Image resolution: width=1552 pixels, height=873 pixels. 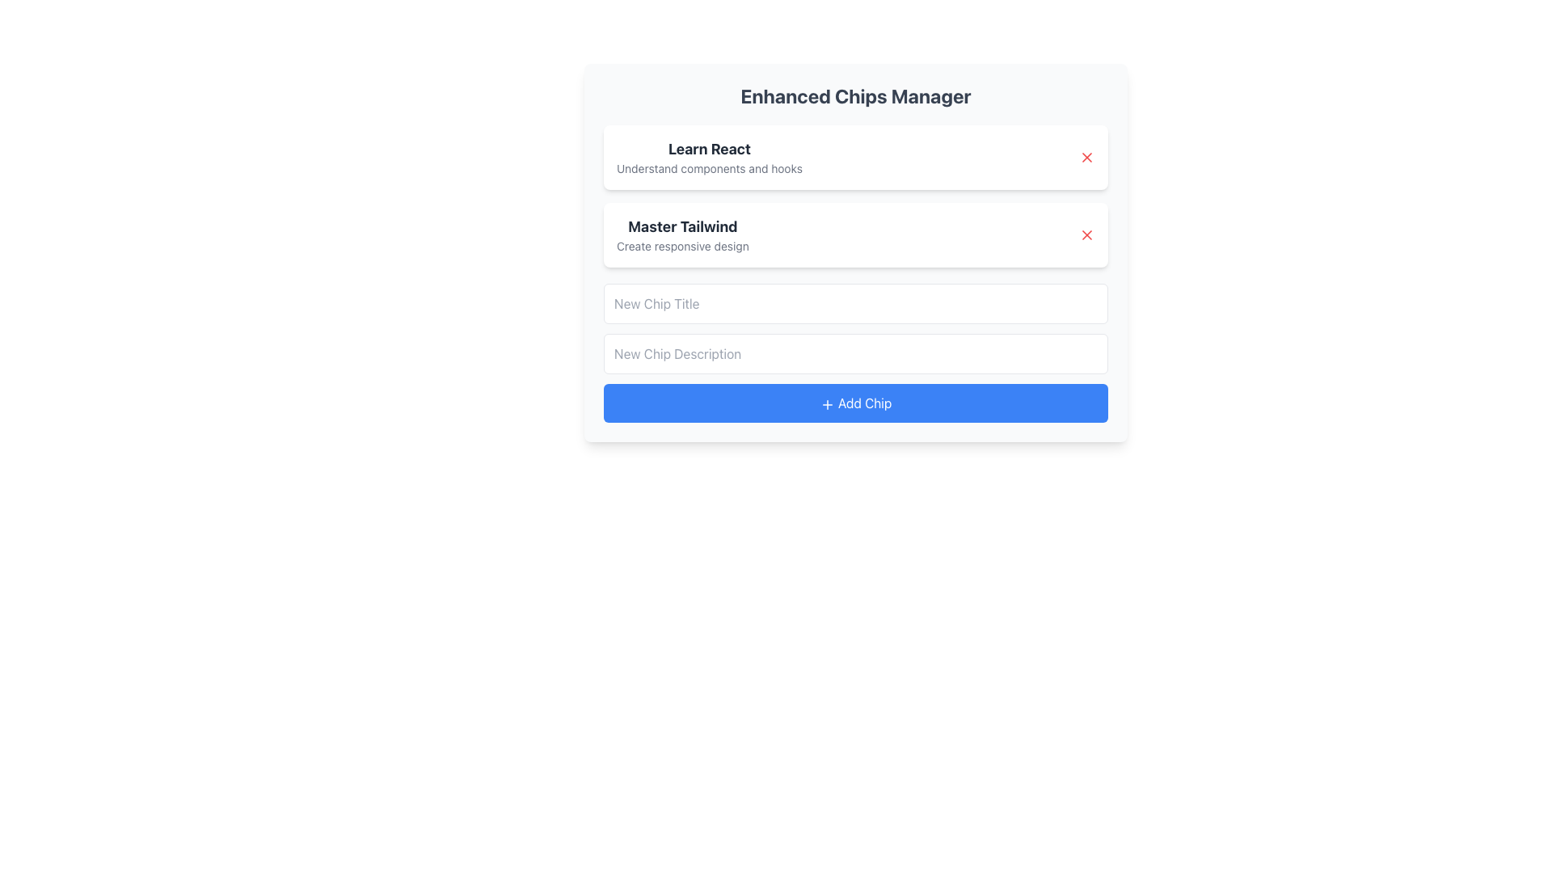 What do you see at coordinates (855, 96) in the screenshot?
I see `static text title located at the top of the card-like structure, which serves as a header for the current interface section` at bounding box center [855, 96].